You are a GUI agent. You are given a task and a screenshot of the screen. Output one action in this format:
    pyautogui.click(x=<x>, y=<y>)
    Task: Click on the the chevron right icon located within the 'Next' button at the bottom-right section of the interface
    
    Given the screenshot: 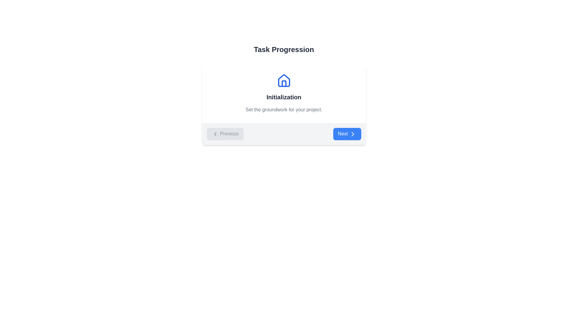 What is the action you would take?
    pyautogui.click(x=353, y=134)
    